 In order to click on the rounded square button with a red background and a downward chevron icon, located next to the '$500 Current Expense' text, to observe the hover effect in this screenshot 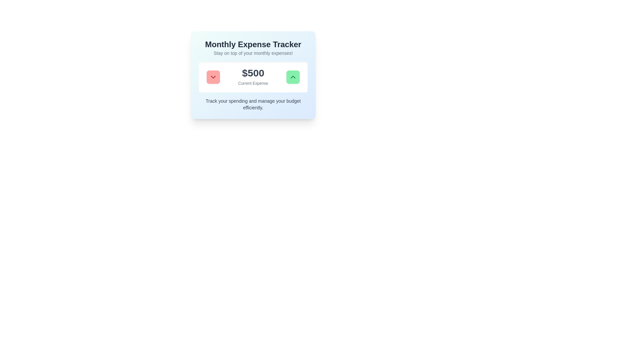, I will do `click(213, 76)`.